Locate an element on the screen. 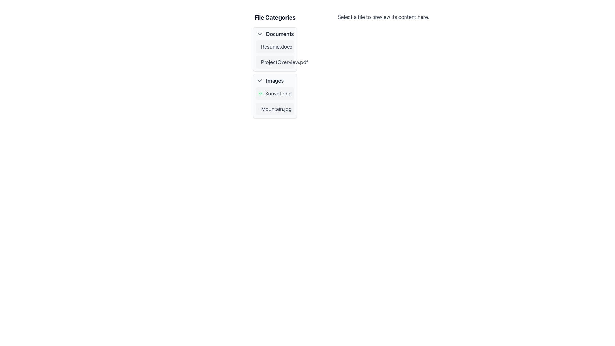 This screenshot has height=346, width=615. the main outline of the file icon representing 'ProjectOverview.pdf' in the 'Documents' category of the 'File Categories' panel is located at coordinates (262, 62).